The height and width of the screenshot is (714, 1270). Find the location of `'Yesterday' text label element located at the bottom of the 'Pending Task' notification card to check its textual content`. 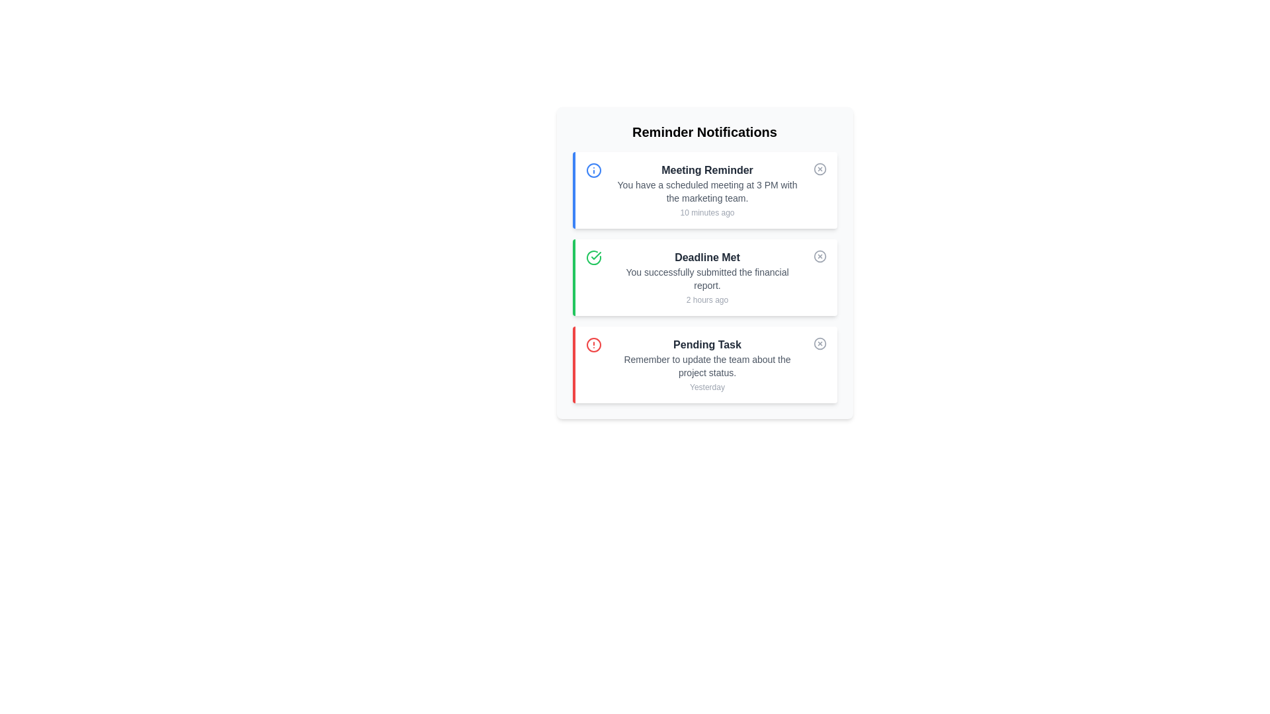

'Yesterday' text label element located at the bottom of the 'Pending Task' notification card to check its textual content is located at coordinates (706, 387).